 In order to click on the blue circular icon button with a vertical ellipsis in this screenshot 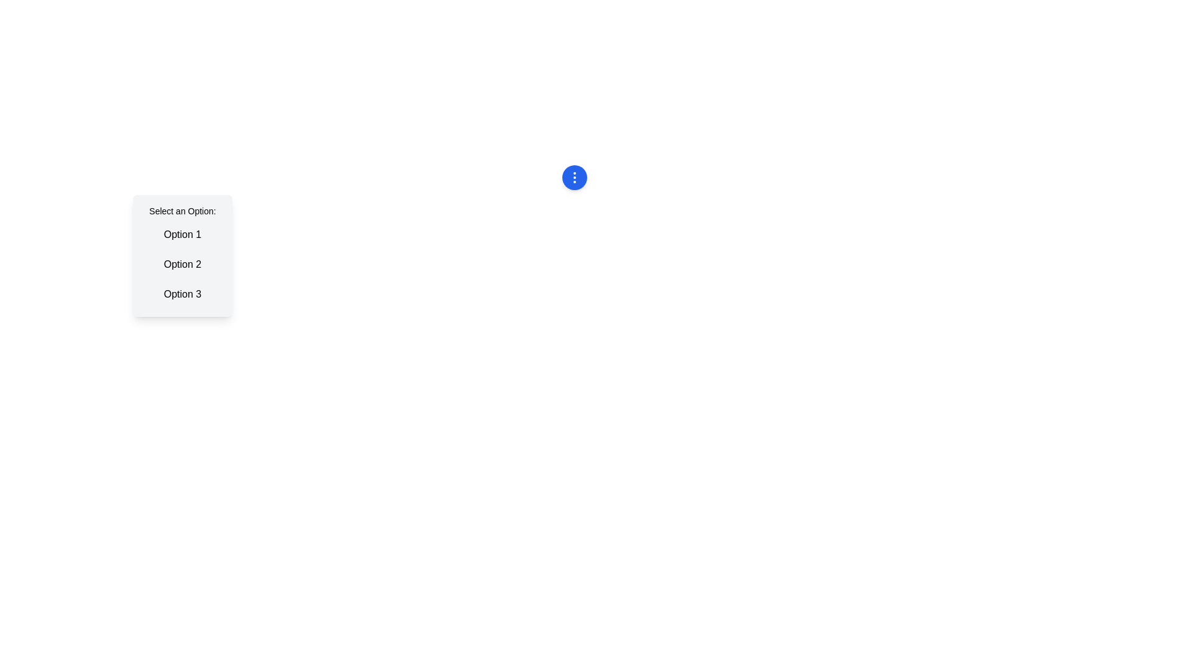, I will do `click(574, 177)`.